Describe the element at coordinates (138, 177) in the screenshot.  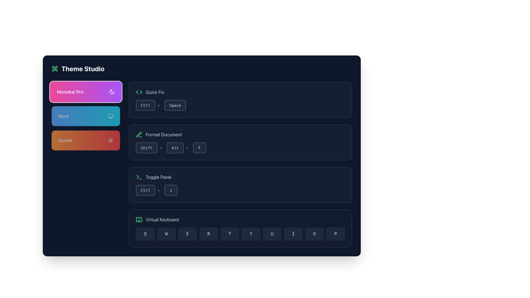
I see `the leftward pointing chevron within the terminal icon located in the left section of the application interface, near the 'Toggle Panel' functionality` at that location.